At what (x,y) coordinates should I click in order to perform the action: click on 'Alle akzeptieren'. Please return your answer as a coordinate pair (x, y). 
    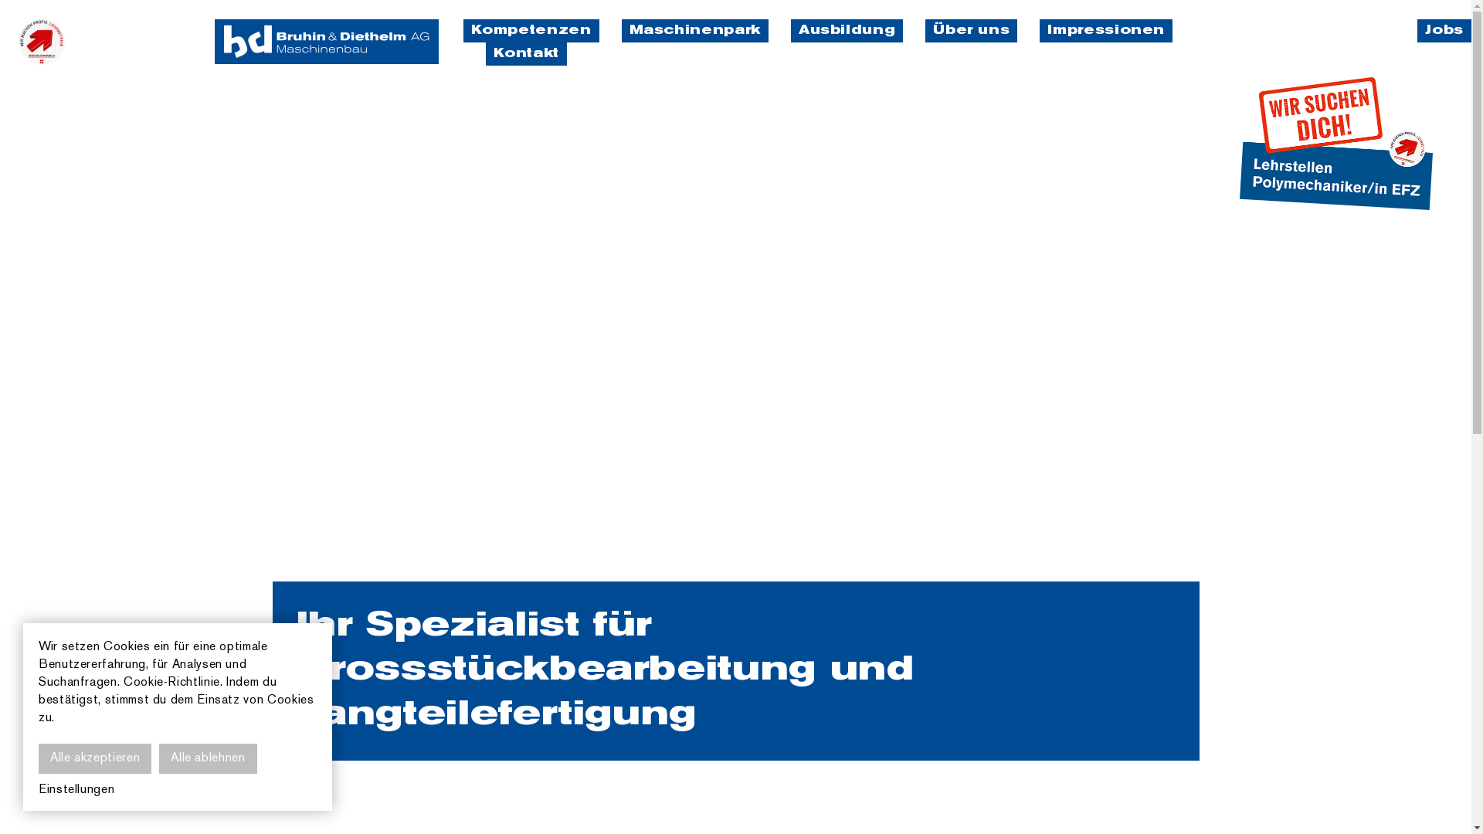
    Looking at the image, I should click on (94, 758).